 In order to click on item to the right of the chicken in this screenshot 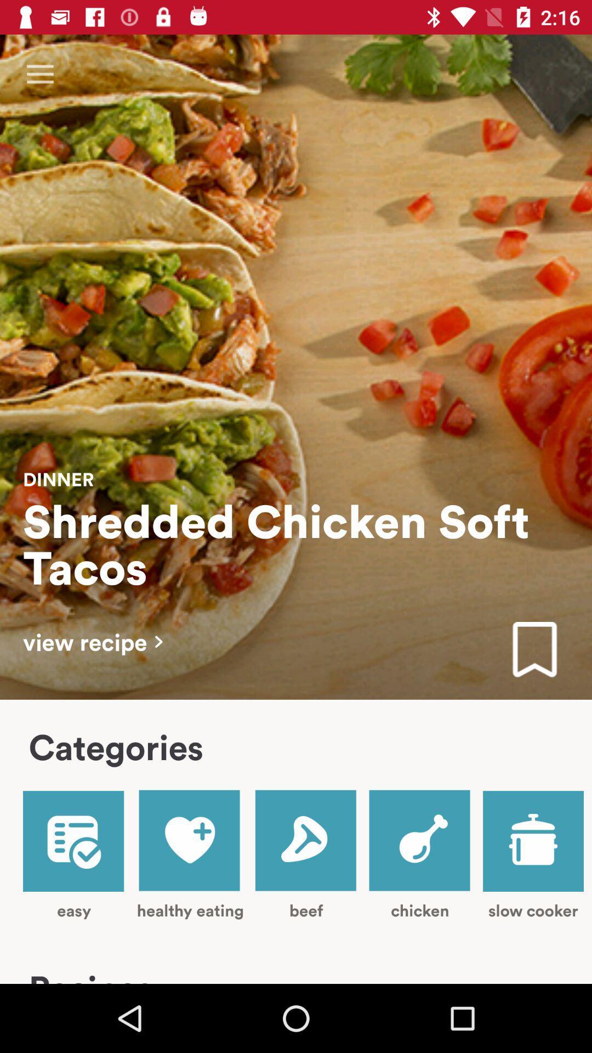, I will do `click(533, 855)`.